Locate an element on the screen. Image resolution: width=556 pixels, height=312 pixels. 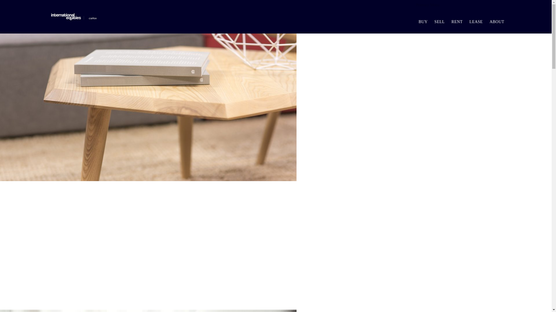
'LEASE' is located at coordinates (476, 22).